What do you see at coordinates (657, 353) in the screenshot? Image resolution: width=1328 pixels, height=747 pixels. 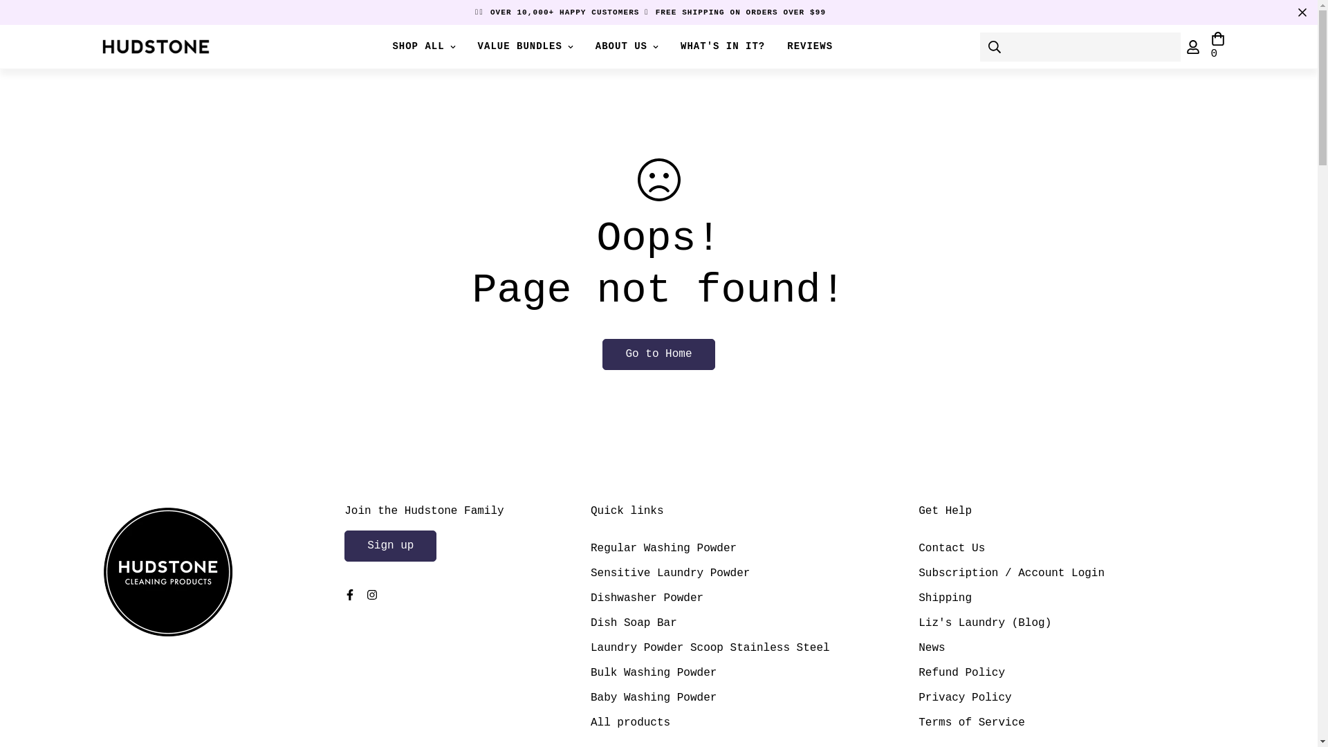 I see `'Go to Home'` at bounding box center [657, 353].